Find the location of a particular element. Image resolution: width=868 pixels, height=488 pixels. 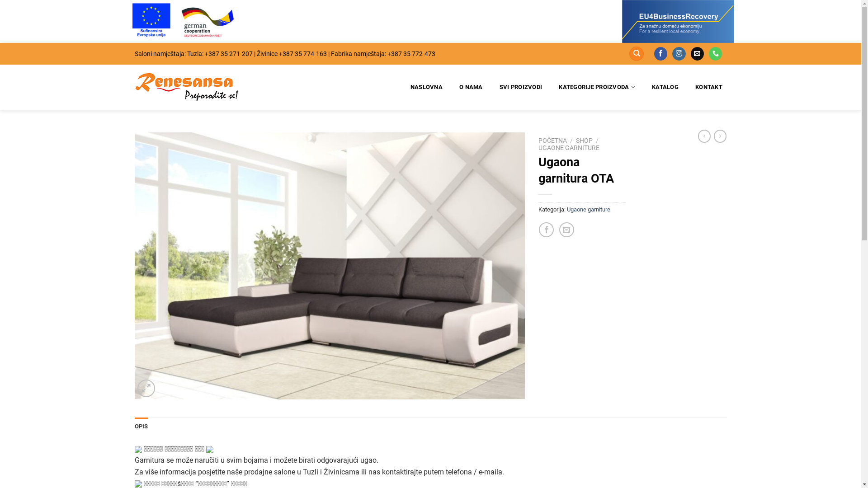

'KATALOG' is located at coordinates (665, 87).